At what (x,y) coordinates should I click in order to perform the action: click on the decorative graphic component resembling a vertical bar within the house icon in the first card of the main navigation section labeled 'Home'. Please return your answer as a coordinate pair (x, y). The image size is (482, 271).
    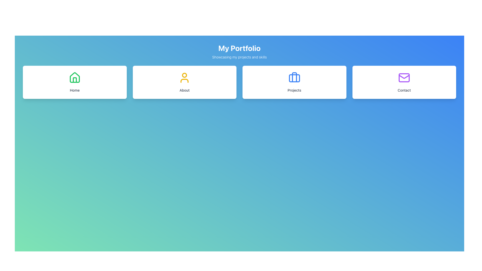
    Looking at the image, I should click on (74, 80).